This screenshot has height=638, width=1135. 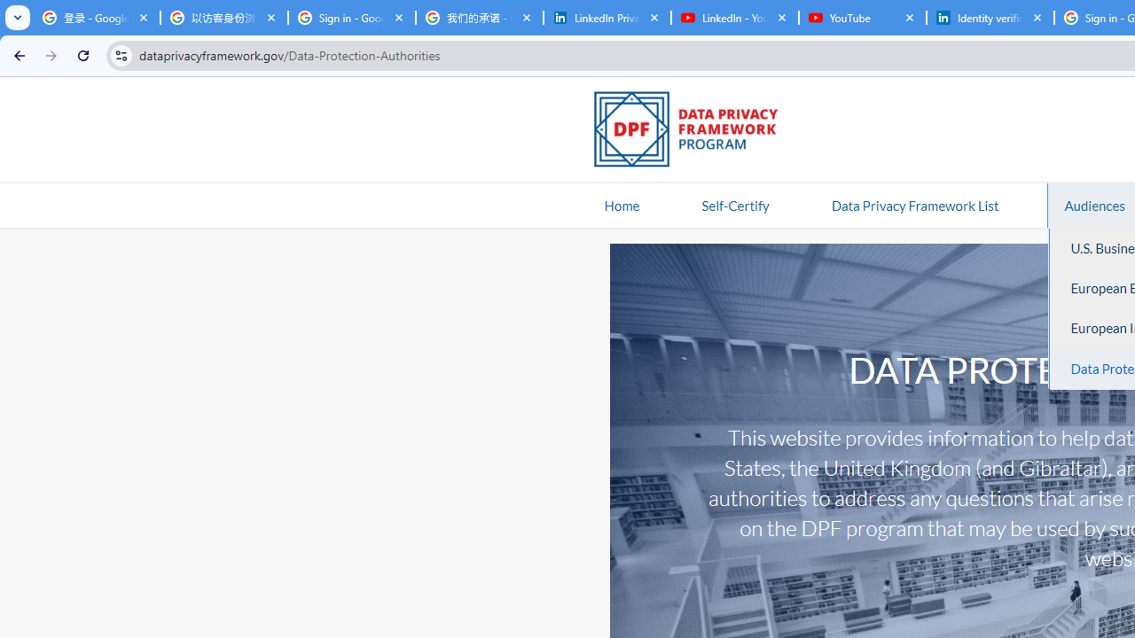 I want to click on 'Sign in - Google Accounts', so click(x=351, y=18).